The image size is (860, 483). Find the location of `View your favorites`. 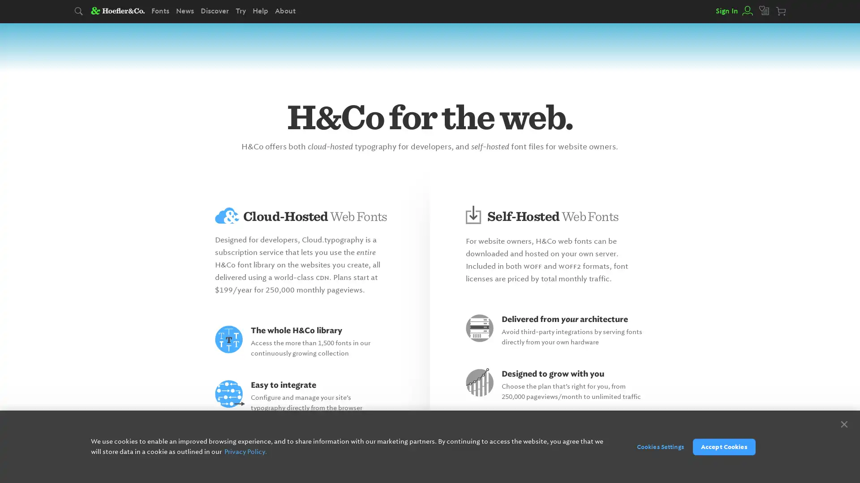

View your favorites is located at coordinates (764, 11).